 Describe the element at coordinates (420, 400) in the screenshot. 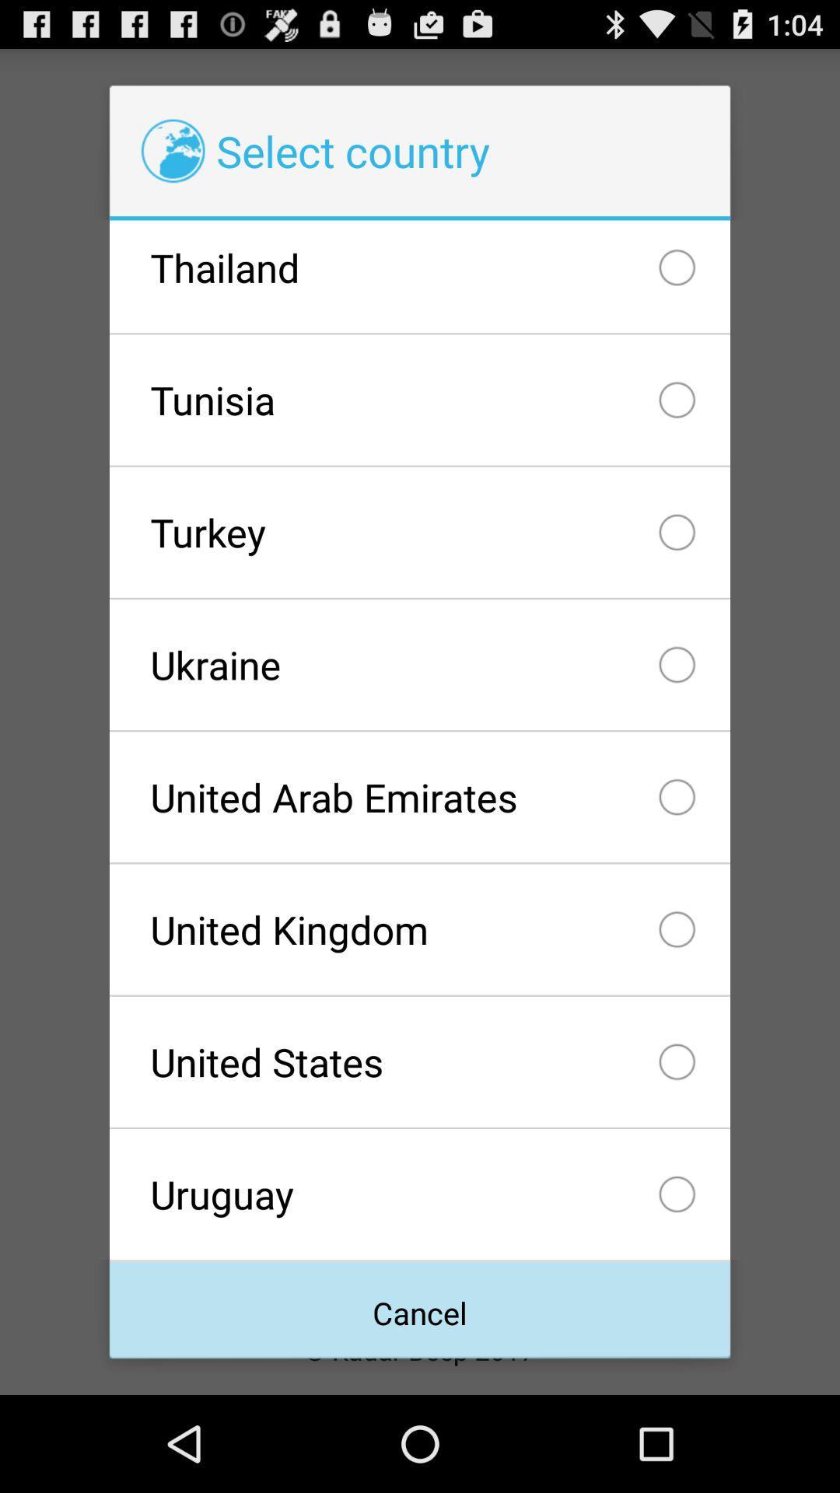

I see `icon above the turkey item` at that location.